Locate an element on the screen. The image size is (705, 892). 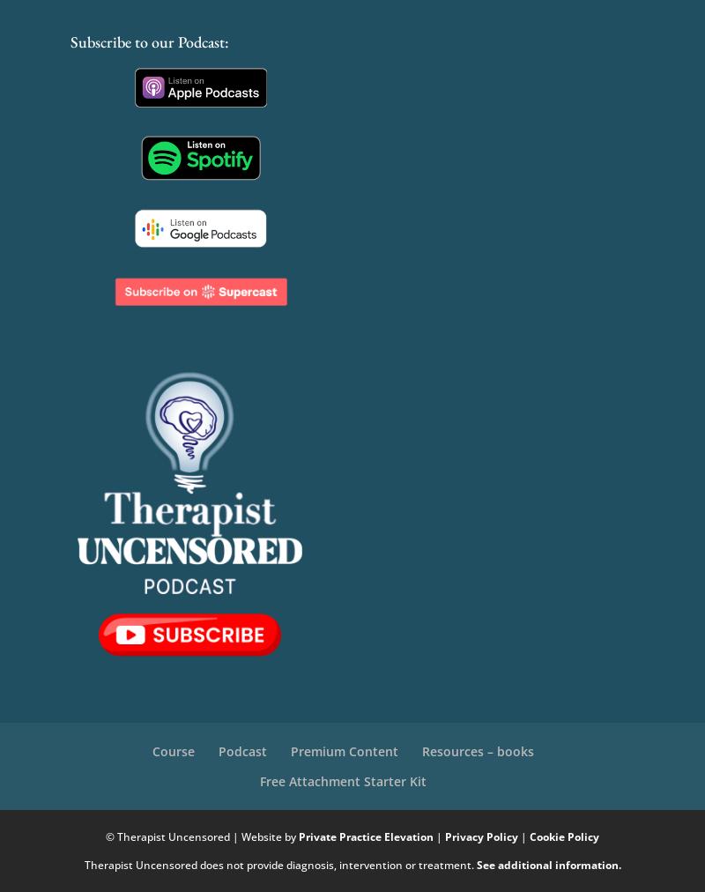
'Free Attachment Starter Kit' is located at coordinates (341, 781).